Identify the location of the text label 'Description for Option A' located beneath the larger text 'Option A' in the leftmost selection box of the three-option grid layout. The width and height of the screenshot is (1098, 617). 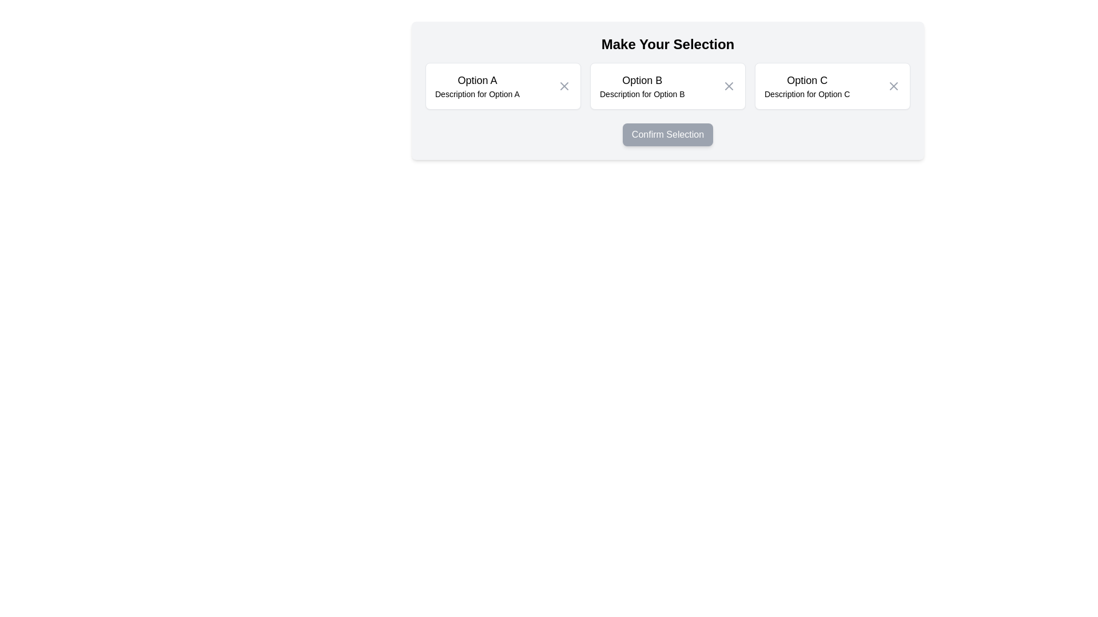
(478, 94).